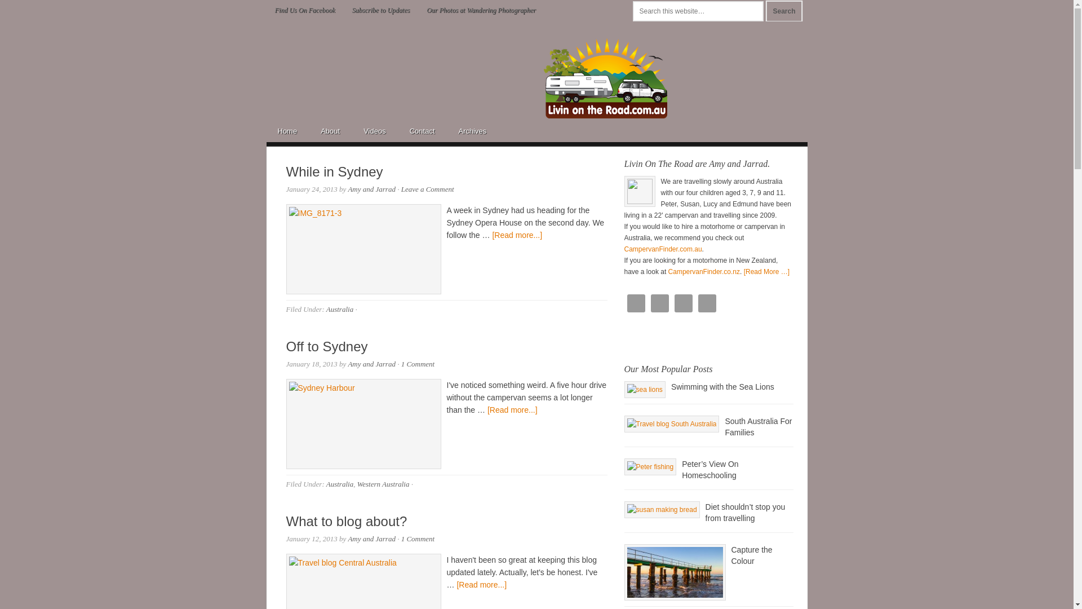 The width and height of the screenshot is (1082, 609). Describe the element at coordinates (422, 130) in the screenshot. I see `'Contact'` at that location.